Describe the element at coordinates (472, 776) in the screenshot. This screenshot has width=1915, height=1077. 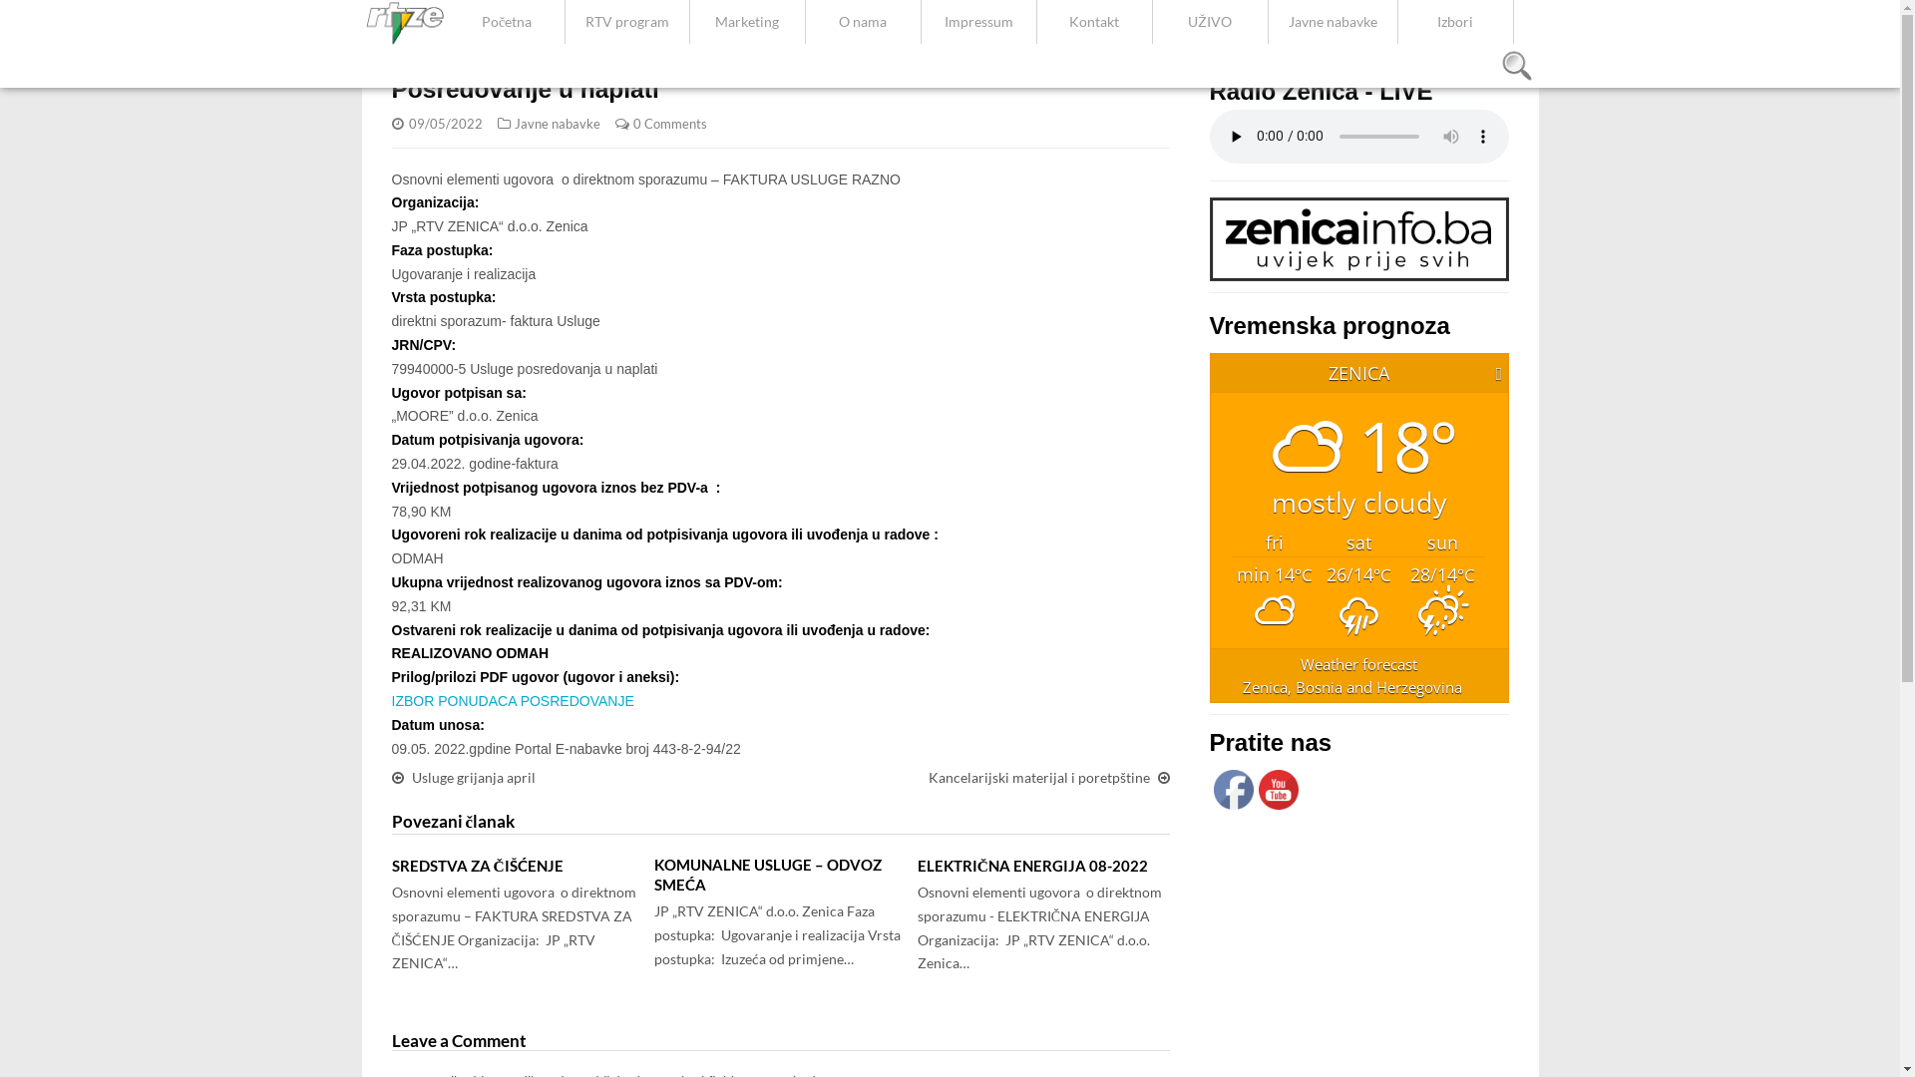
I see `'Usluge grijanja april'` at that location.